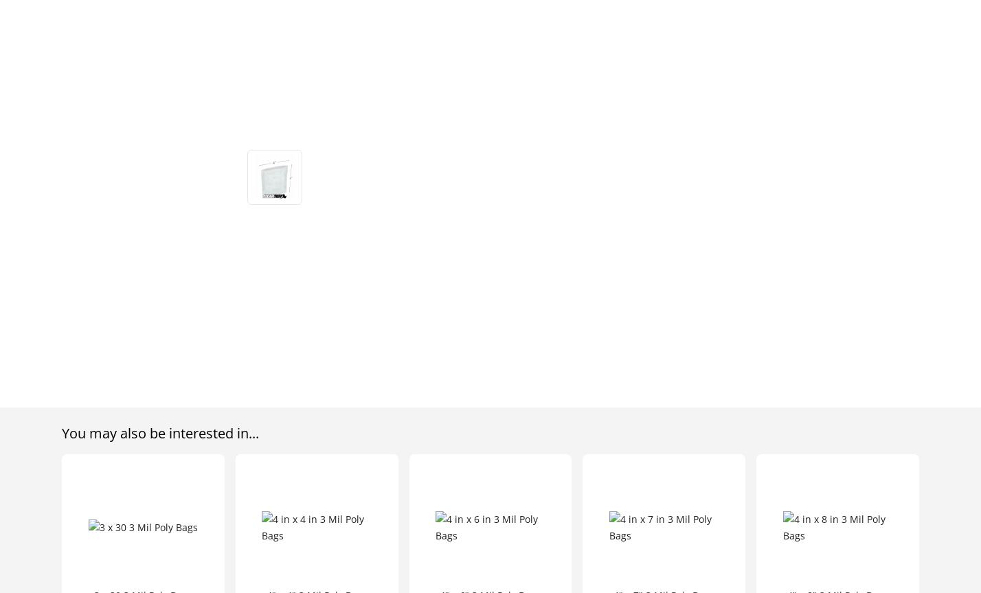  I want to click on 'My Account', so click(319, 48).